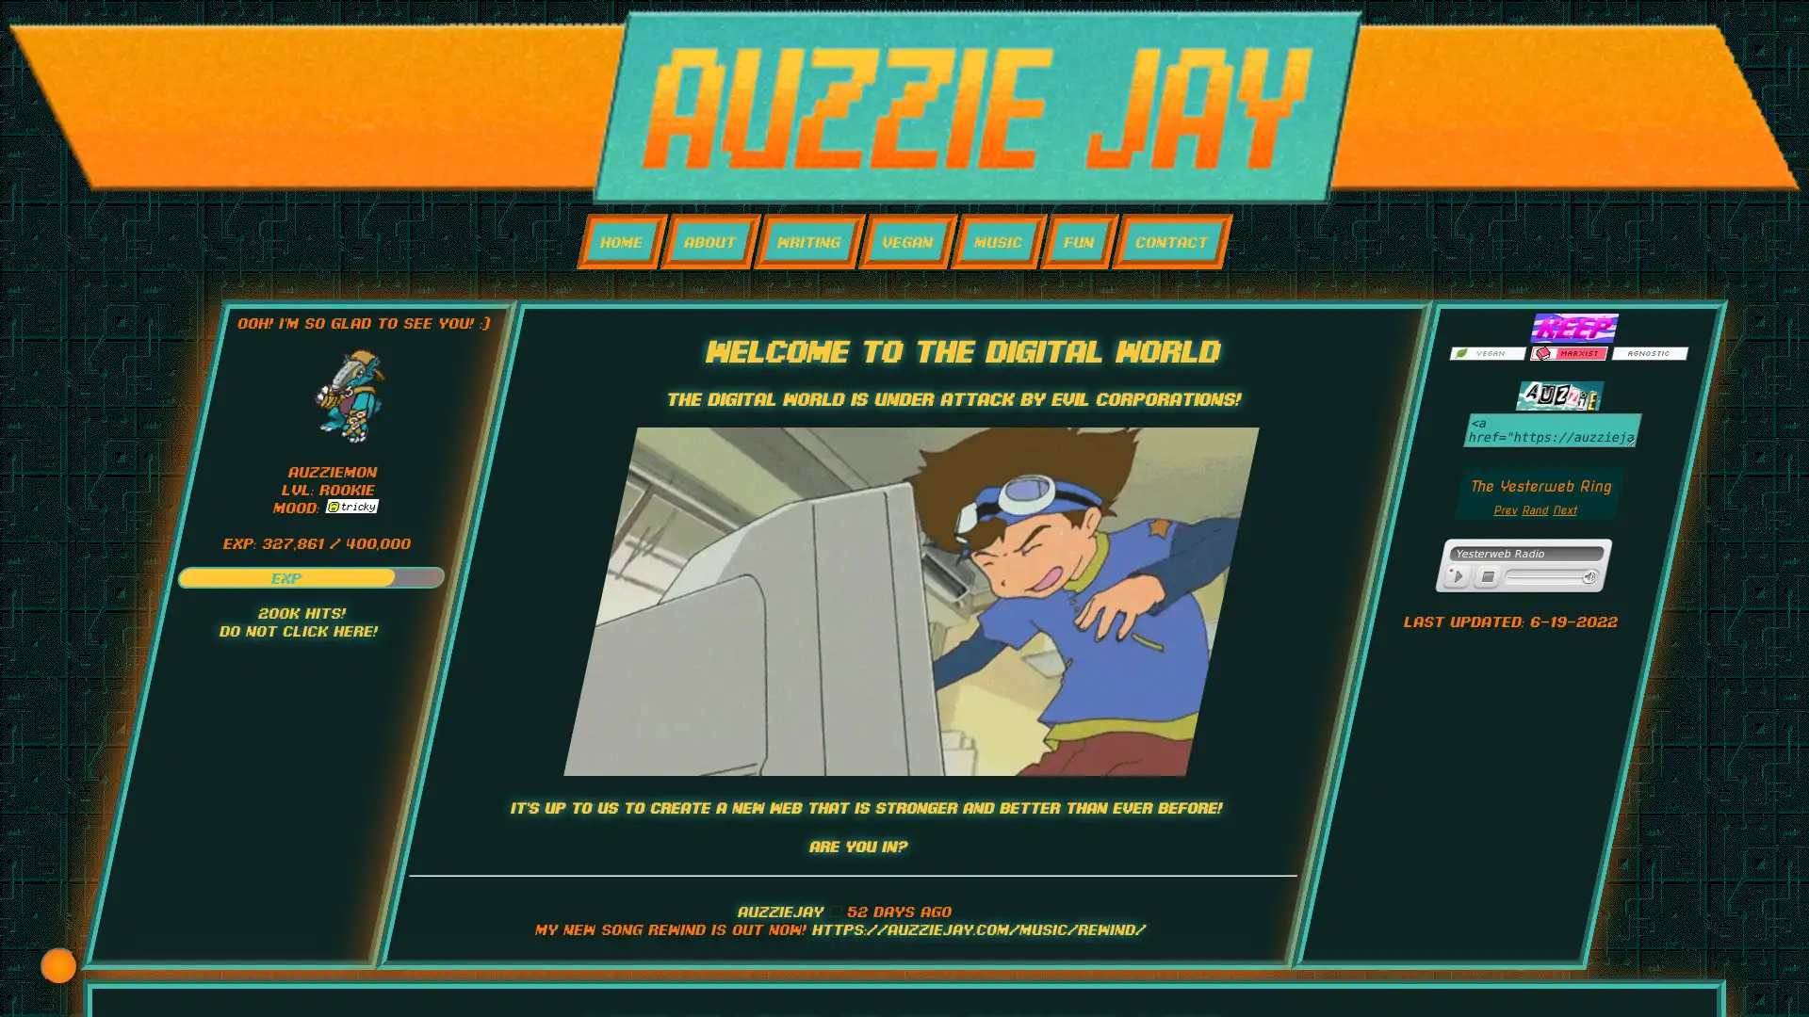  I want to click on FUN, so click(1079, 240).